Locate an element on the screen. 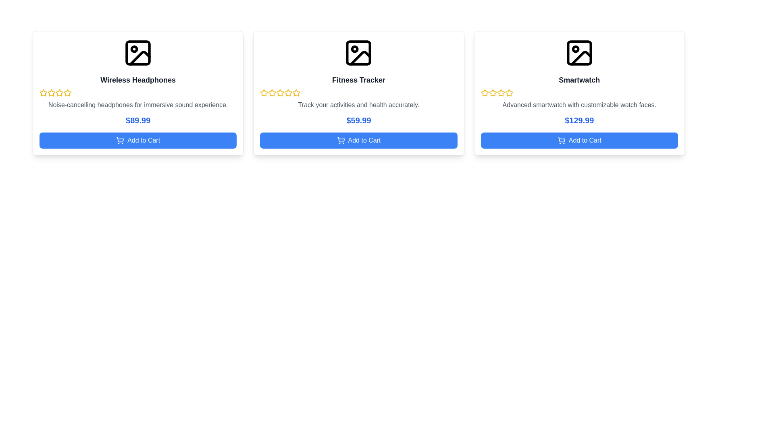 Image resolution: width=774 pixels, height=435 pixels. the first yellow star icon in the rating component, located below the product title 'Wireless Headphones' is located at coordinates (51, 92).